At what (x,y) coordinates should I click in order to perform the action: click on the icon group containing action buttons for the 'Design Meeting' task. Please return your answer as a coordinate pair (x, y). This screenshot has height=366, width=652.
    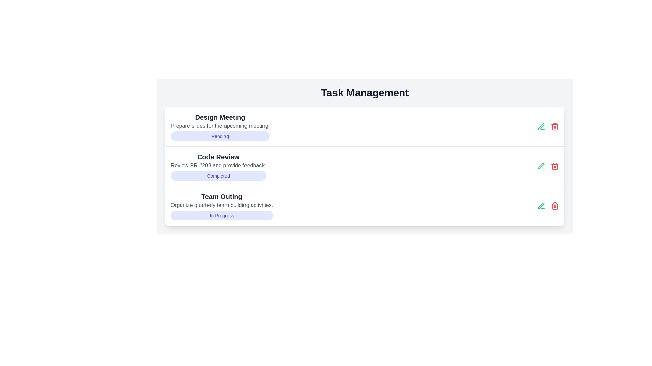
    Looking at the image, I should click on (548, 127).